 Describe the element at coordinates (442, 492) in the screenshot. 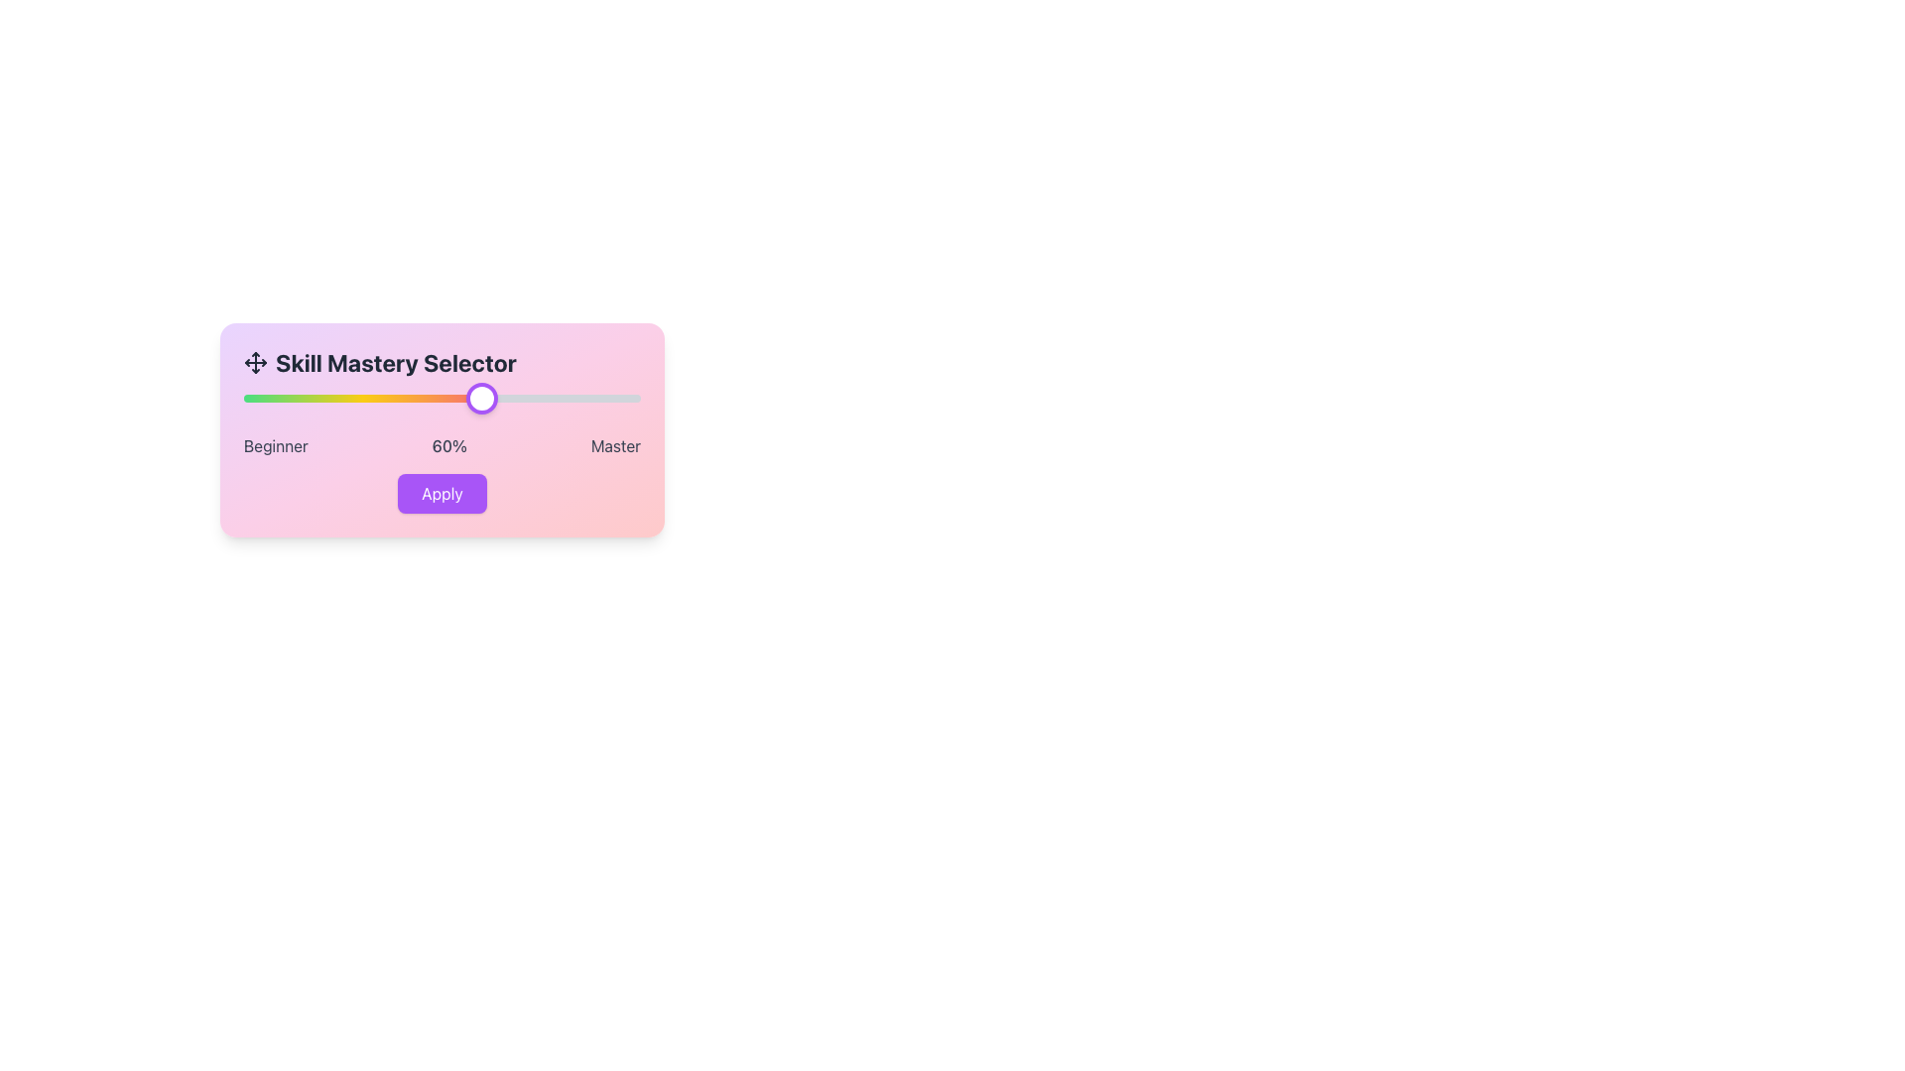

I see `the 'Apply' button with a vibrant purple background located at the bottom of the 'Skill Mastery Selector' card` at that location.